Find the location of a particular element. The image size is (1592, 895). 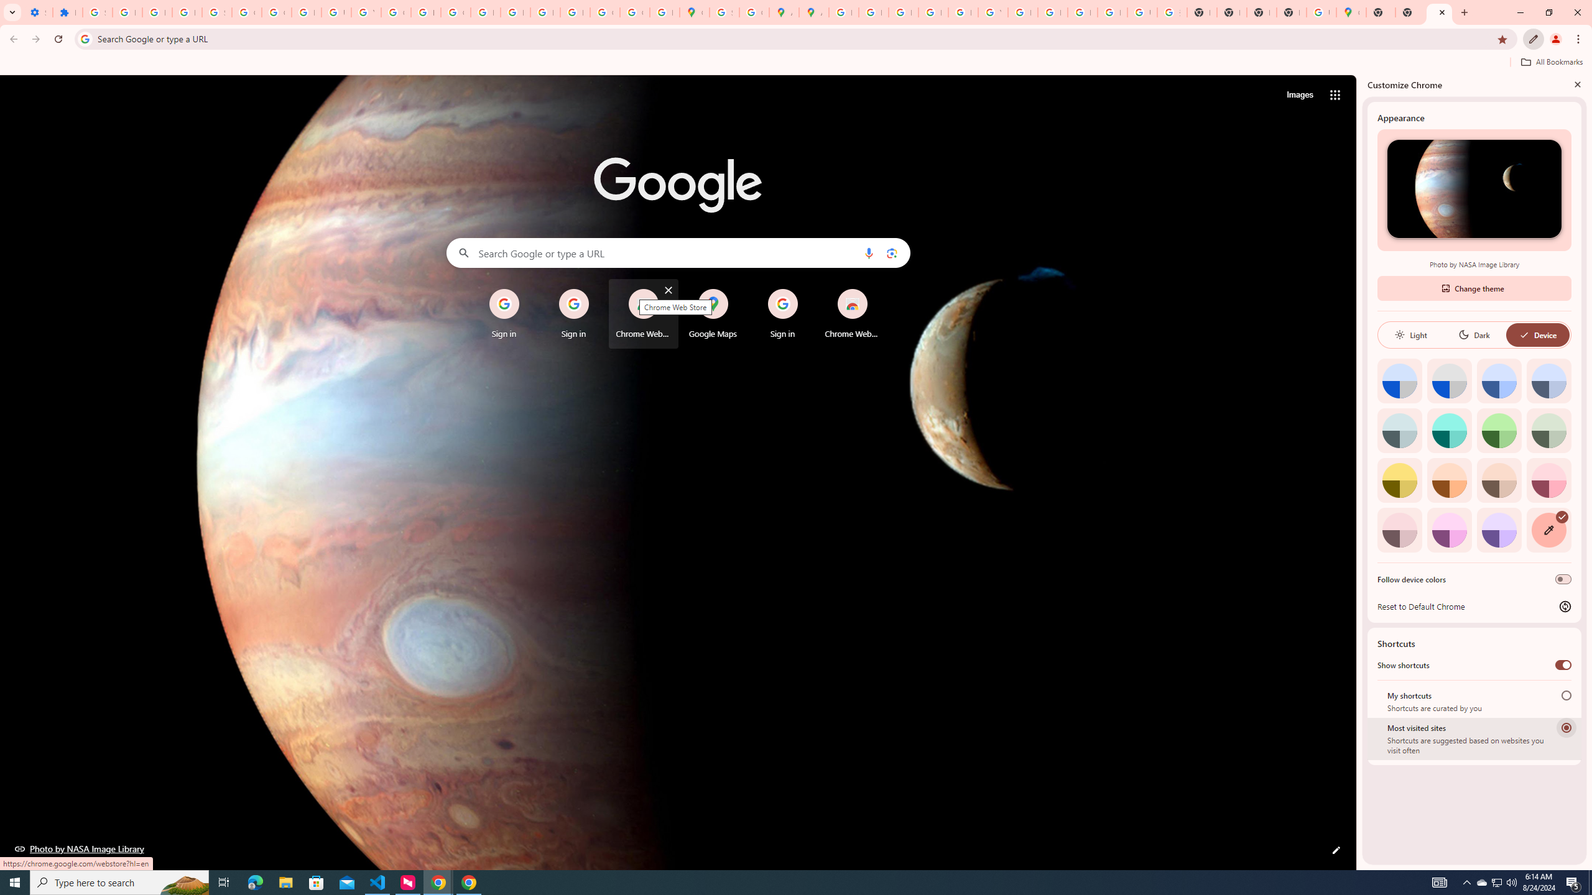

'Default color' is located at coordinates (1399, 380).